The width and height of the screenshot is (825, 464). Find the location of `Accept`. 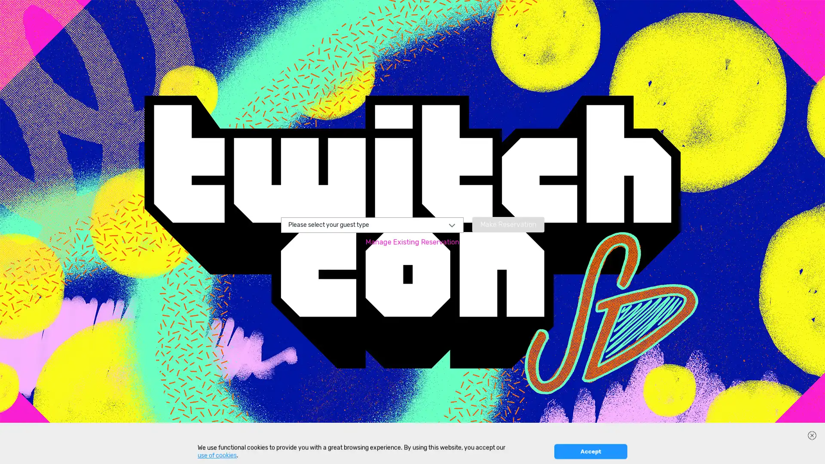

Accept is located at coordinates (590, 451).